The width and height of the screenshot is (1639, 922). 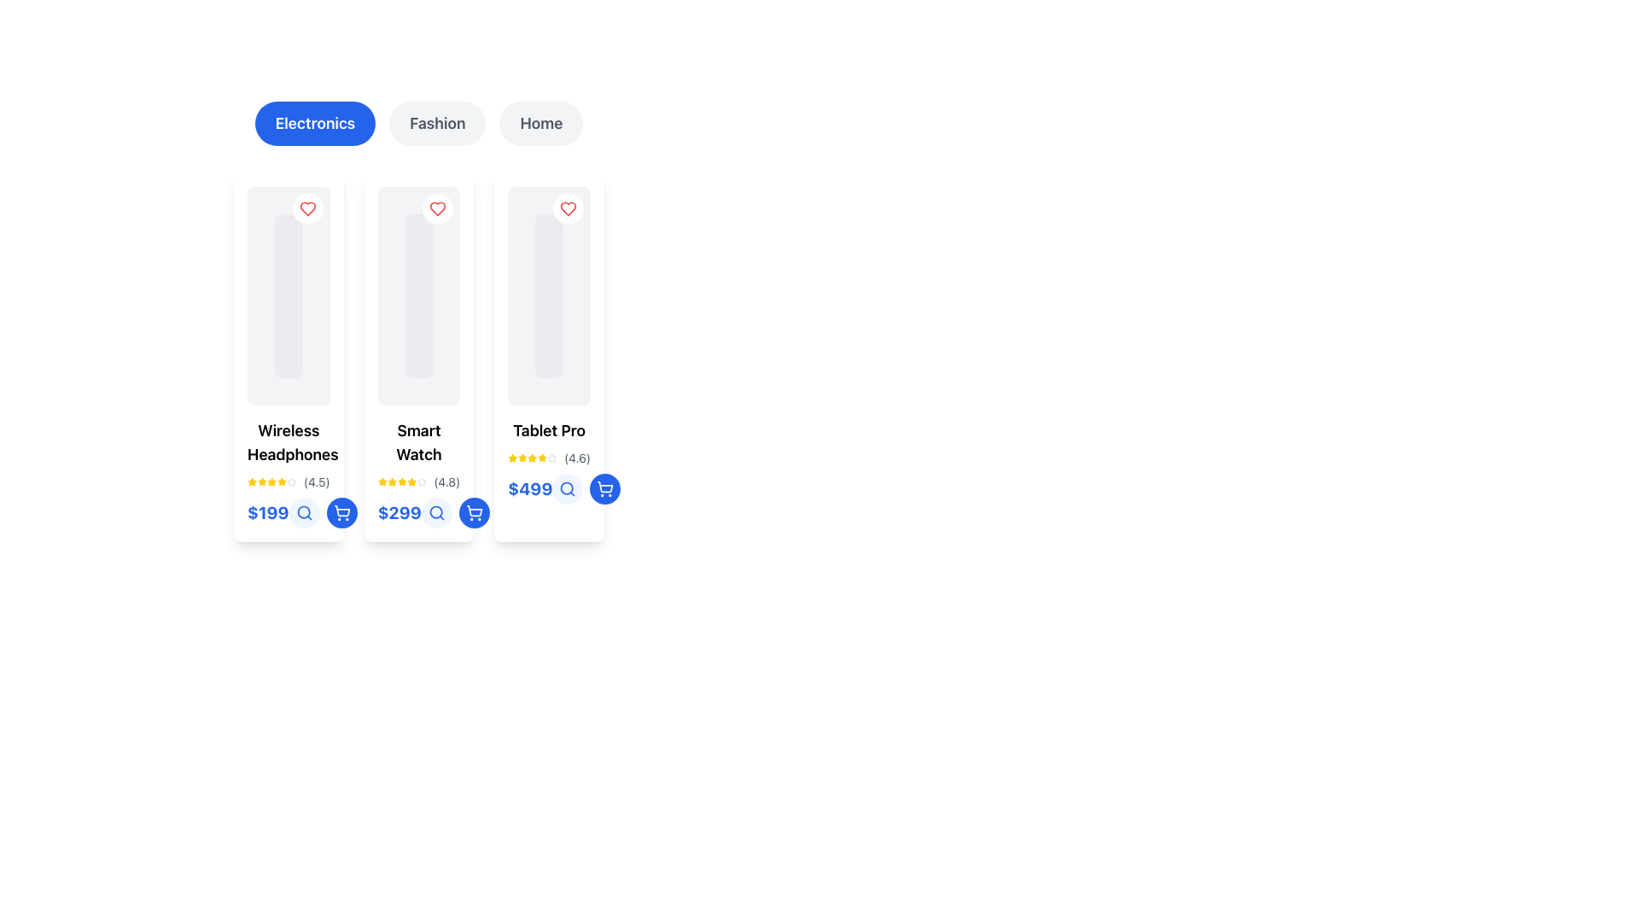 I want to click on the visual indicator icon for the 'Tablet Pro' product located at the top central region of the card, to the right of the main image placeholder, so click(x=522, y=457).